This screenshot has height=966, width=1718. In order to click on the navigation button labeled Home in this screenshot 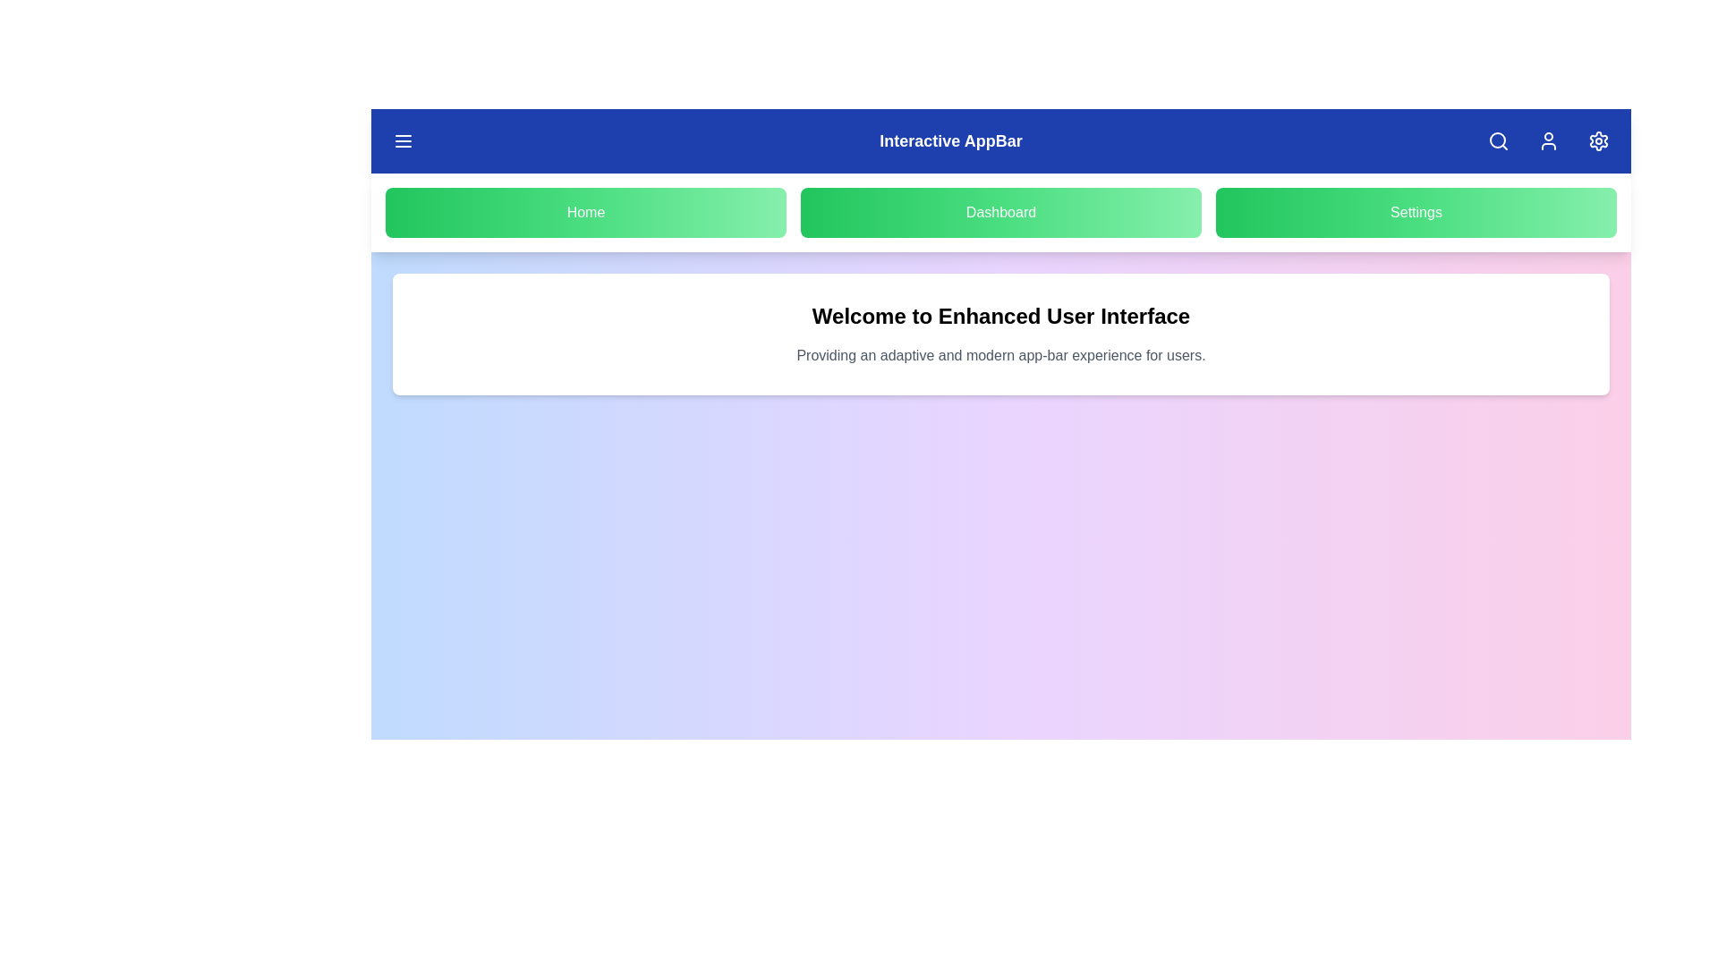, I will do `click(585, 212)`.